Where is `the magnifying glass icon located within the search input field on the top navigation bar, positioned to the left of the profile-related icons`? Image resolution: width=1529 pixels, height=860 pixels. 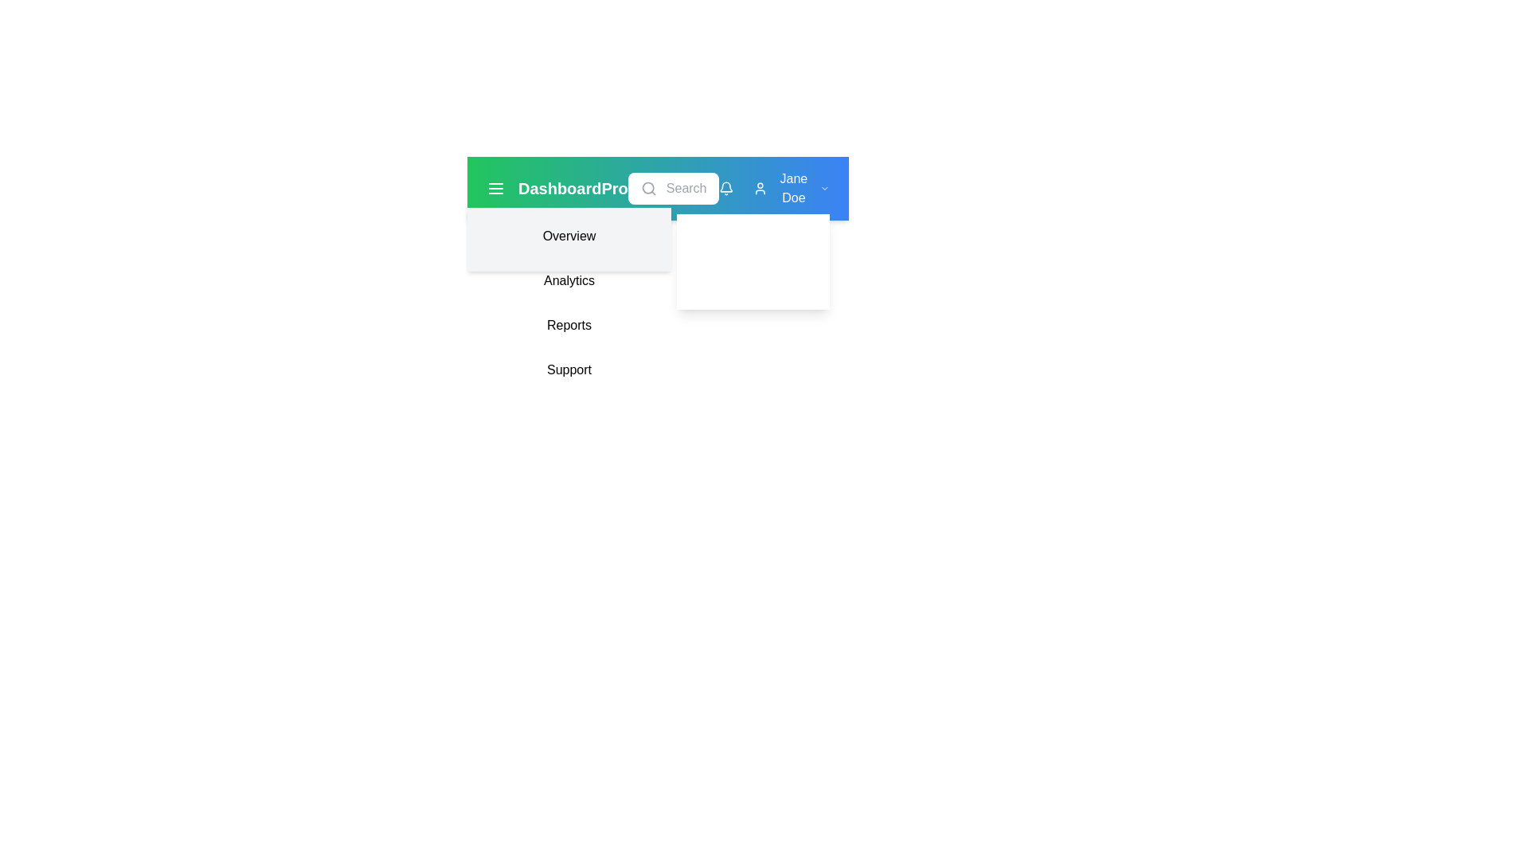
the magnifying glass icon located within the search input field on the top navigation bar, positioned to the left of the profile-related icons is located at coordinates (648, 187).